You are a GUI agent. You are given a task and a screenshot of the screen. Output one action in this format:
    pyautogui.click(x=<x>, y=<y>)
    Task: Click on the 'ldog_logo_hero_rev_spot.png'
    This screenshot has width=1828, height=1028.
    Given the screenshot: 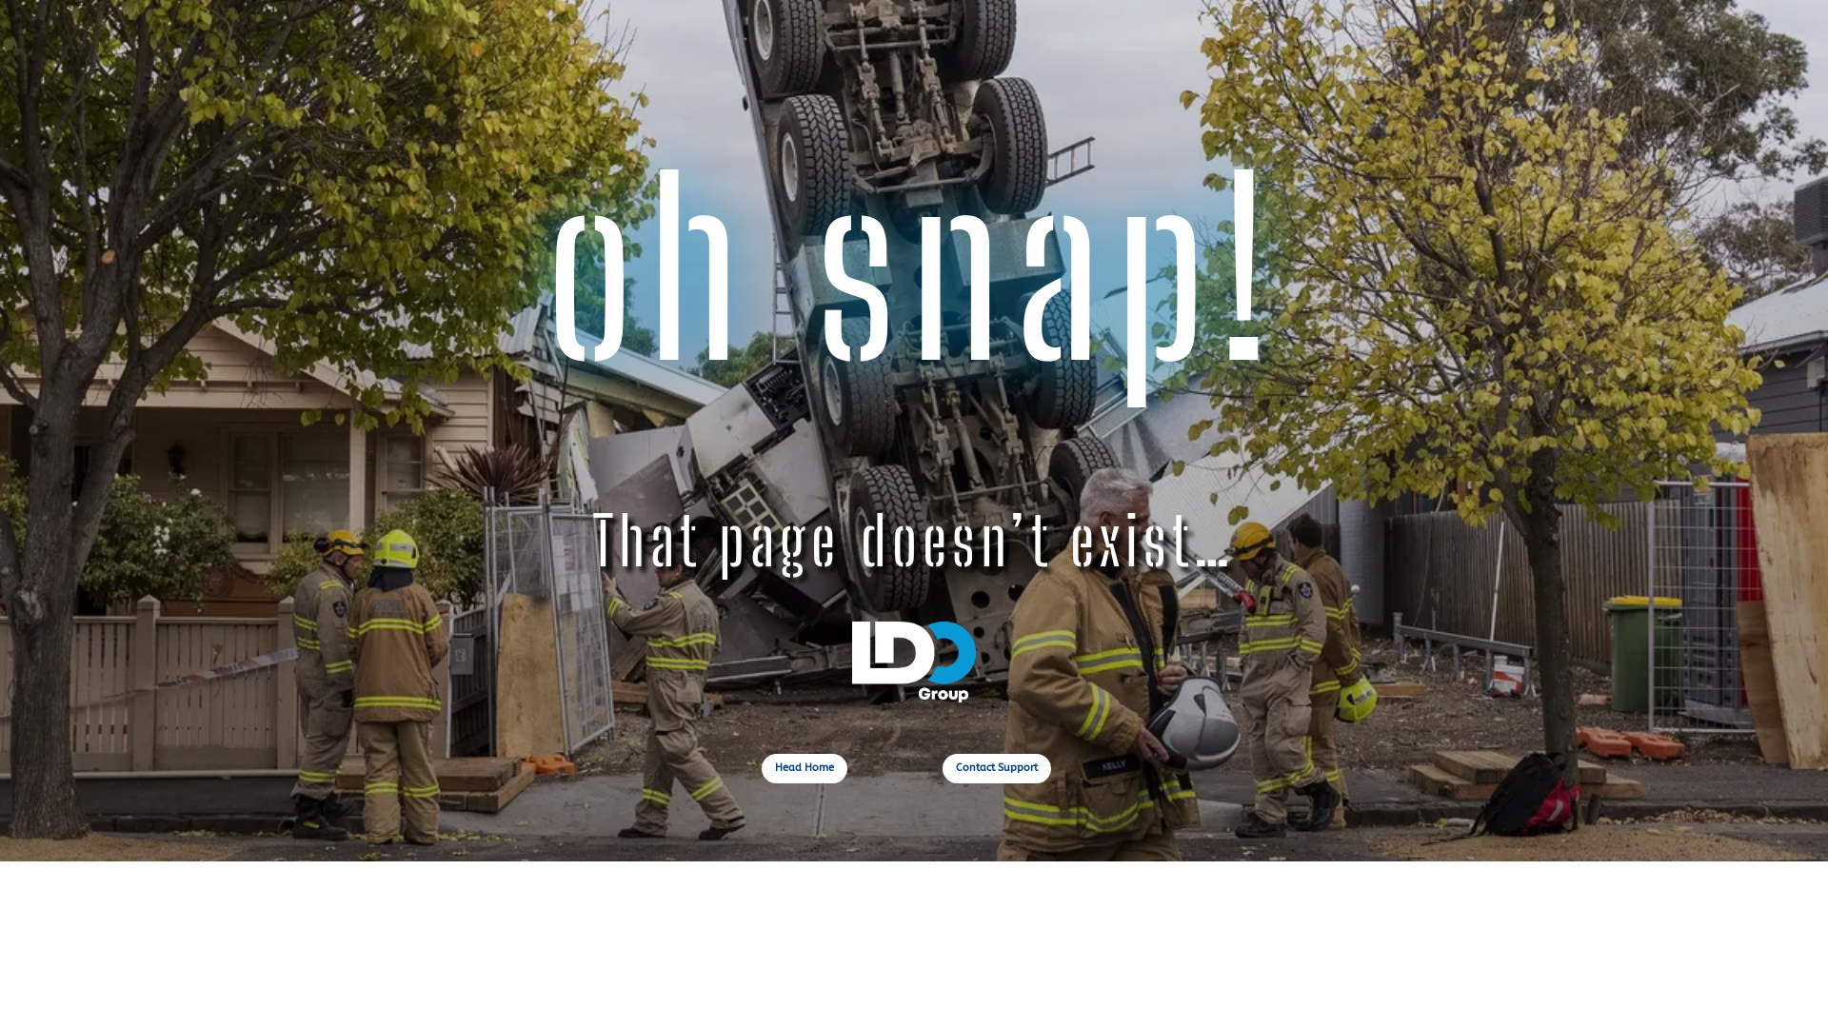 What is the action you would take?
    pyautogui.click(x=914, y=660)
    